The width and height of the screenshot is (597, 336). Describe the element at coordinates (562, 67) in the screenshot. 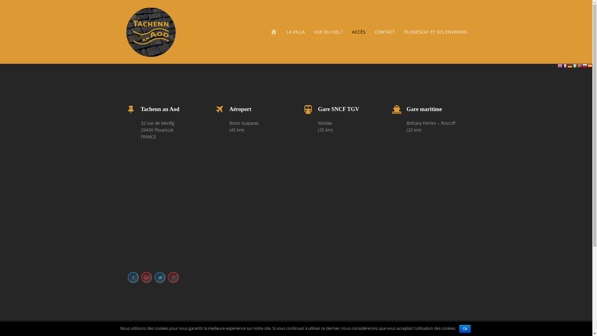

I see `'French'` at that location.